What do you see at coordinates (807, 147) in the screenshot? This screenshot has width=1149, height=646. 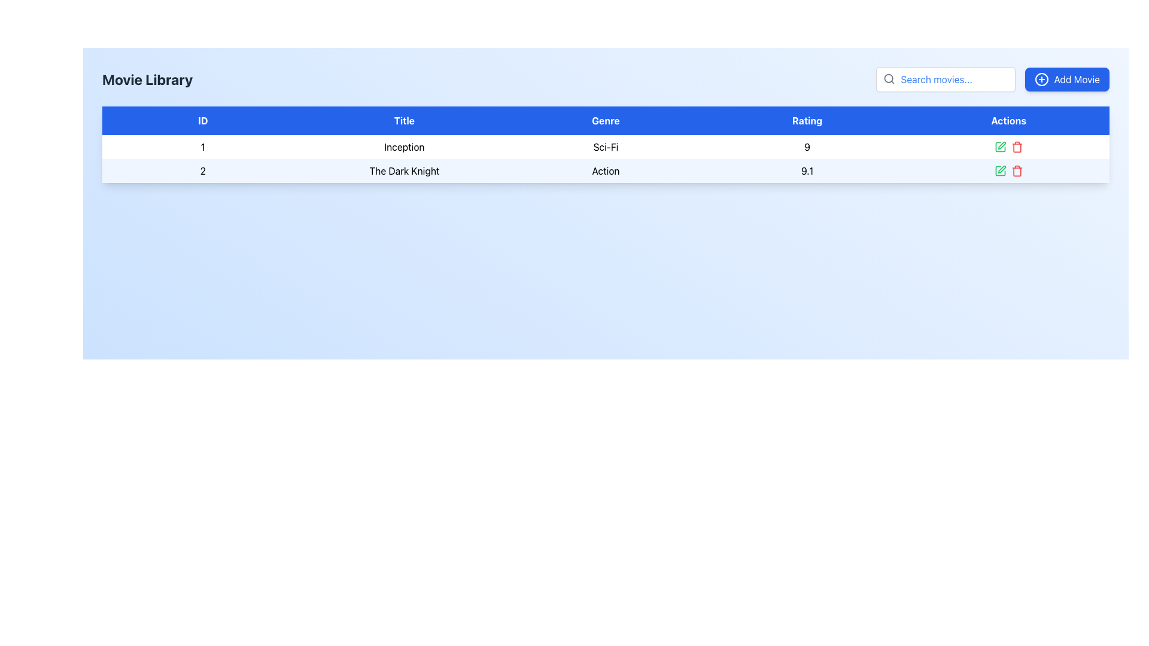 I see `the text label that displays the rating value for the movie entry in the first row of the table, located in the 'Rating' column between 'Sci-Fi' and 'Actions'` at bounding box center [807, 147].